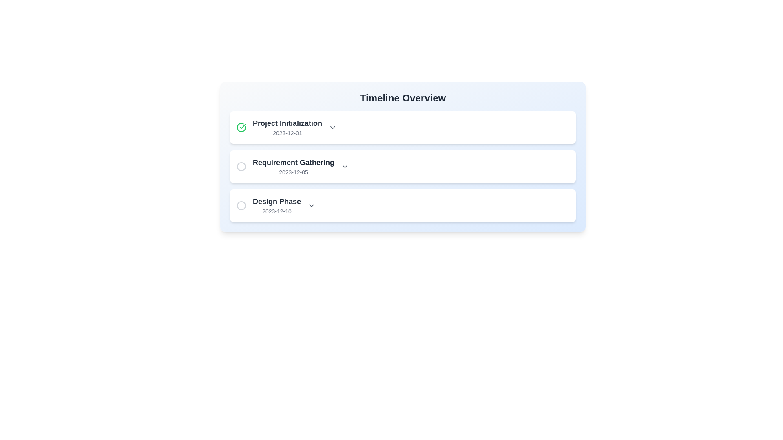 This screenshot has height=440, width=783. What do you see at coordinates (333, 127) in the screenshot?
I see `the downward-pointing arrow icon next to 'Project Initialization' in the timeline overview` at bounding box center [333, 127].